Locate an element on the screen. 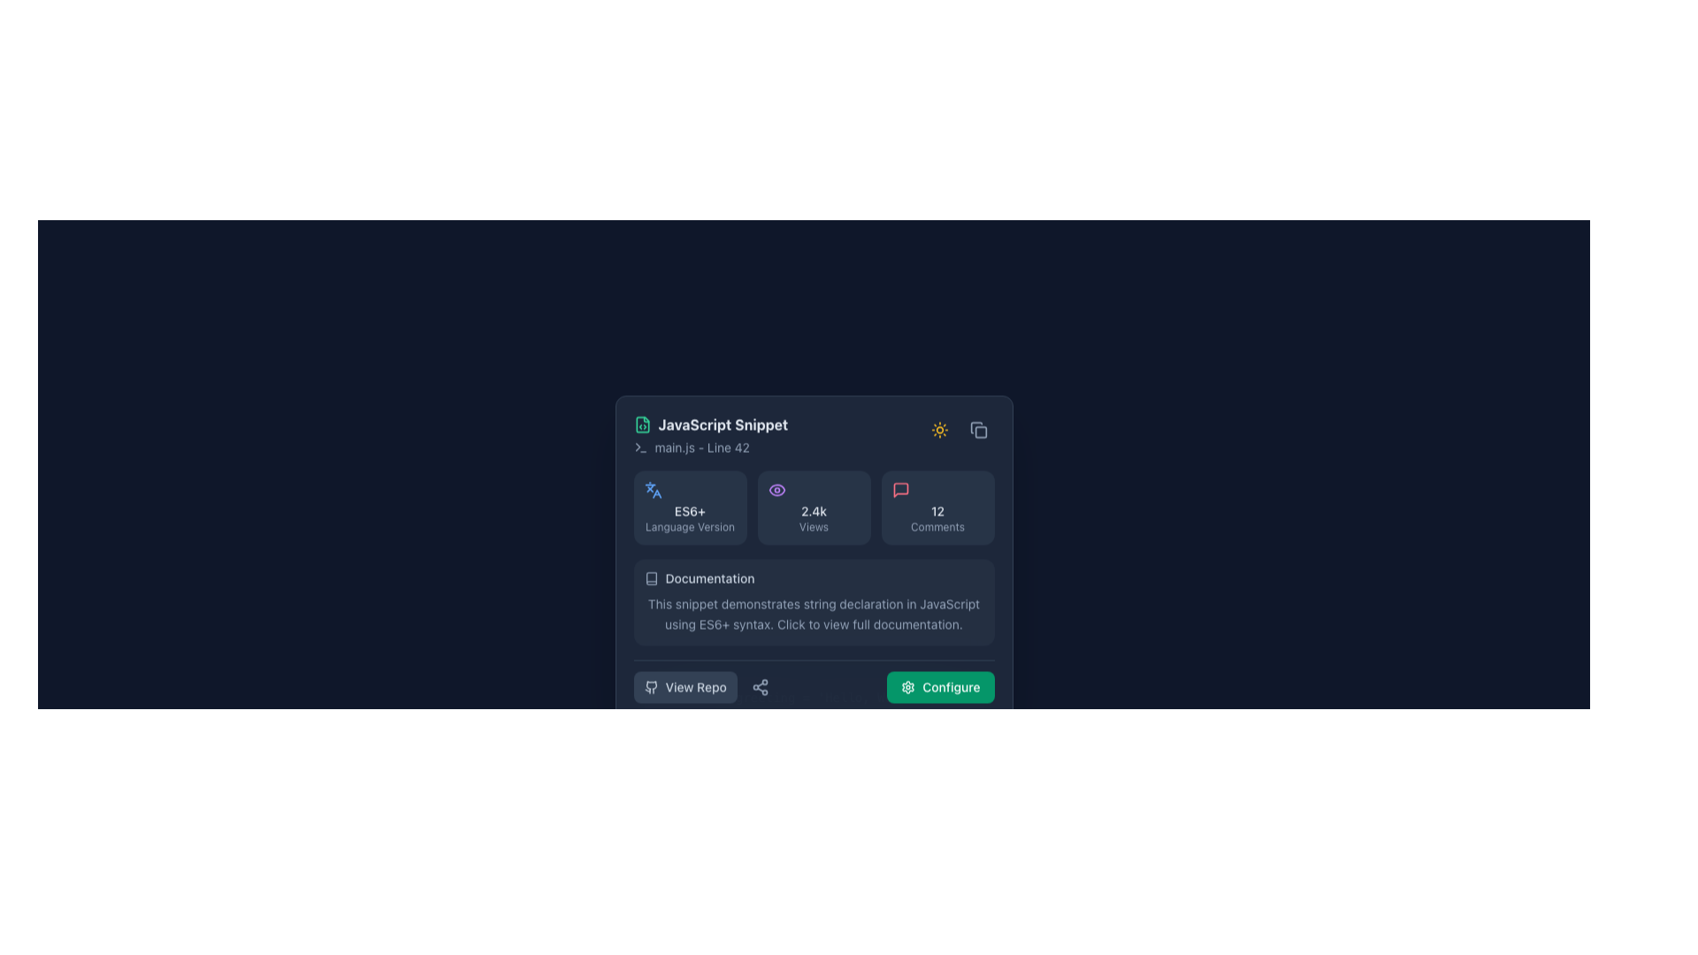 The height and width of the screenshot is (955, 1698). the documentation icon located in the upper right area of the snippet box to understand its meaning is located at coordinates (650, 578).